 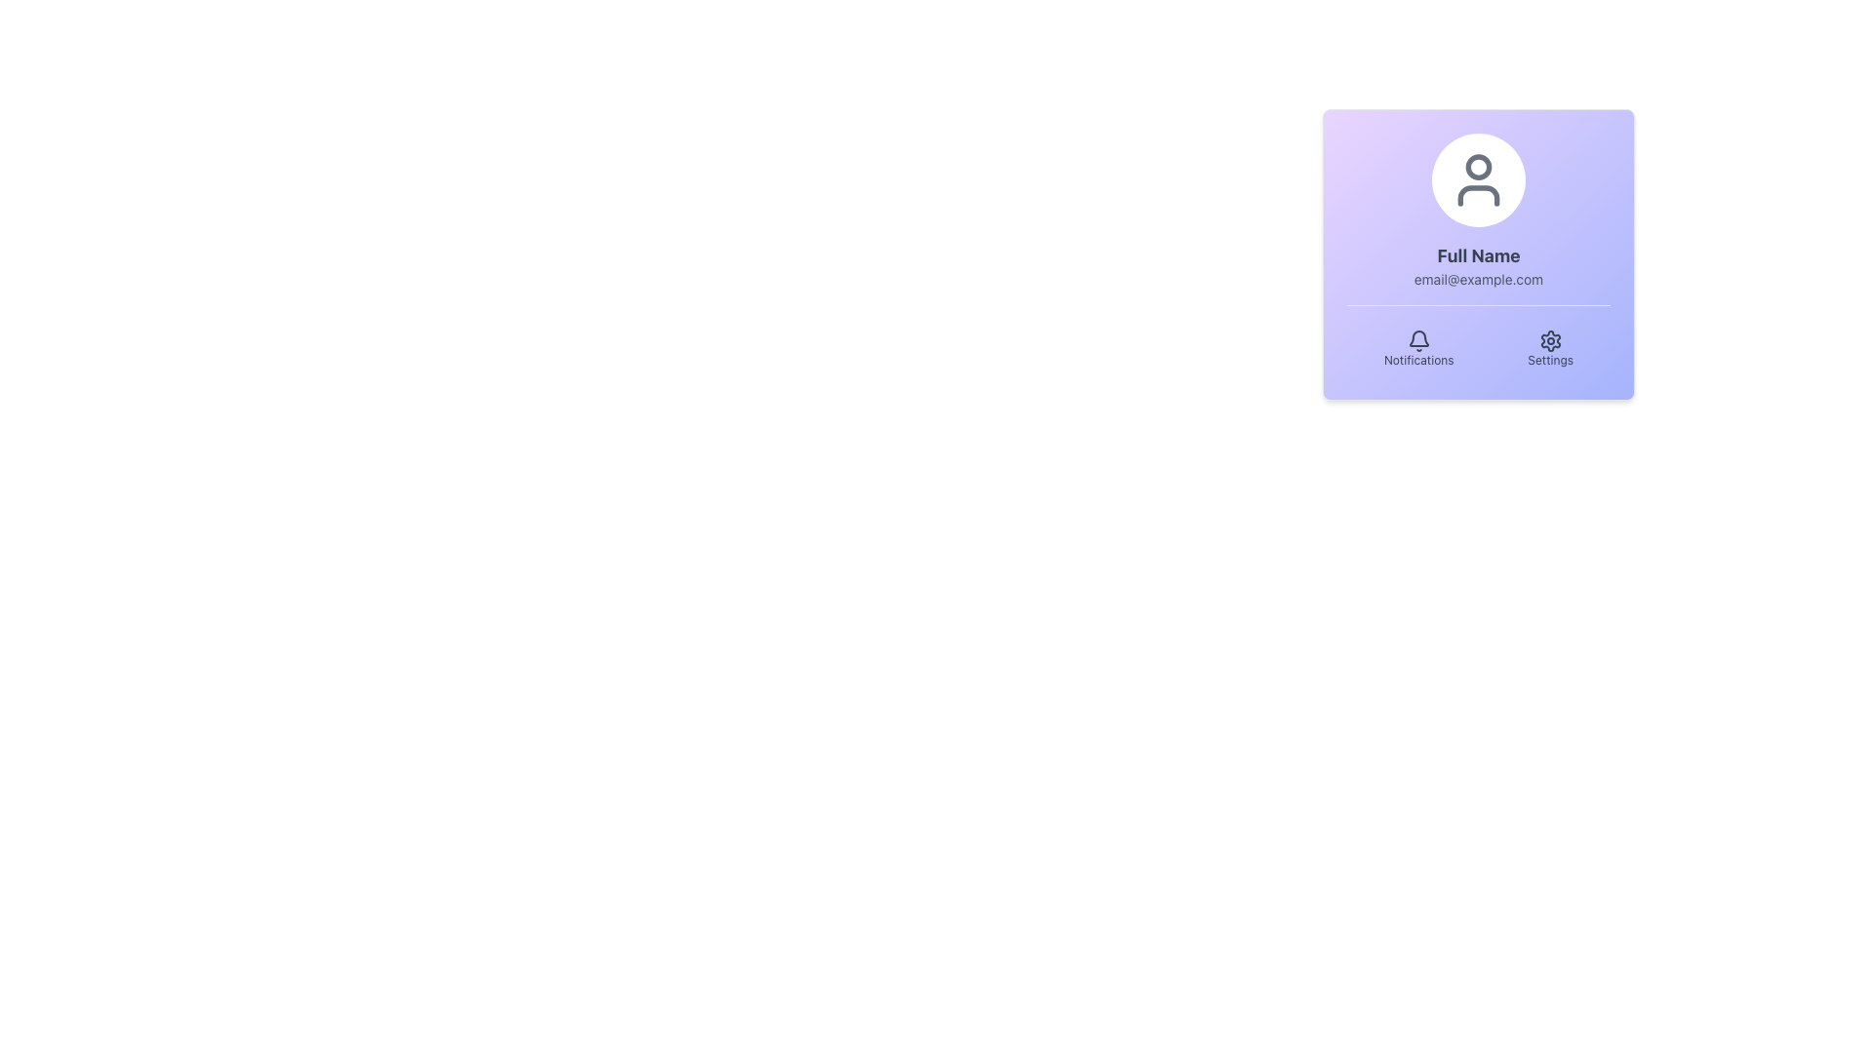 What do you see at coordinates (1549, 340) in the screenshot?
I see `the gear icon button located beneath the 'Settings' label` at bounding box center [1549, 340].